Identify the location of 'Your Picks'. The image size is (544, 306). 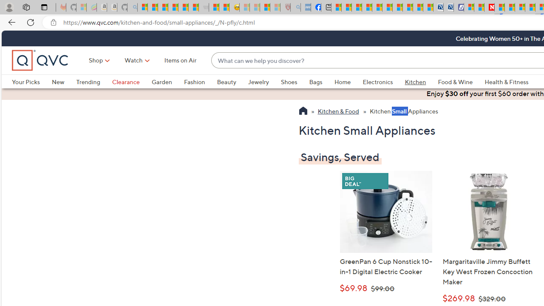
(31, 82).